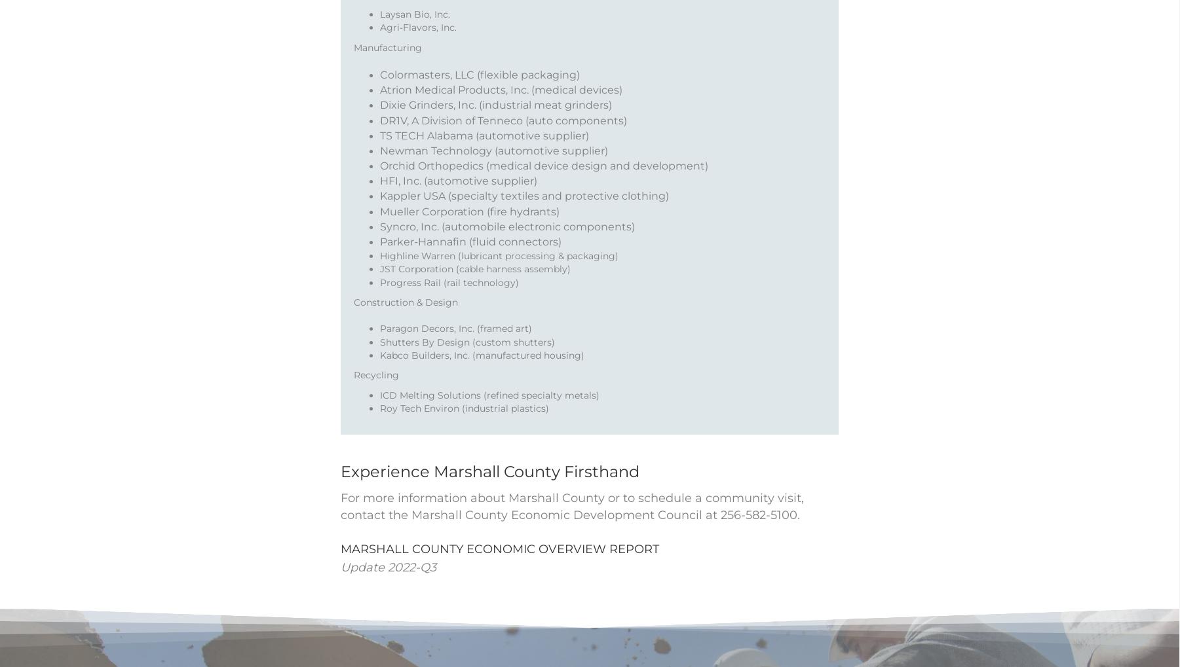 The image size is (1180, 667). Describe the element at coordinates (470, 258) in the screenshot. I see `'Parker-Hannafin (fluid connectors)'` at that location.